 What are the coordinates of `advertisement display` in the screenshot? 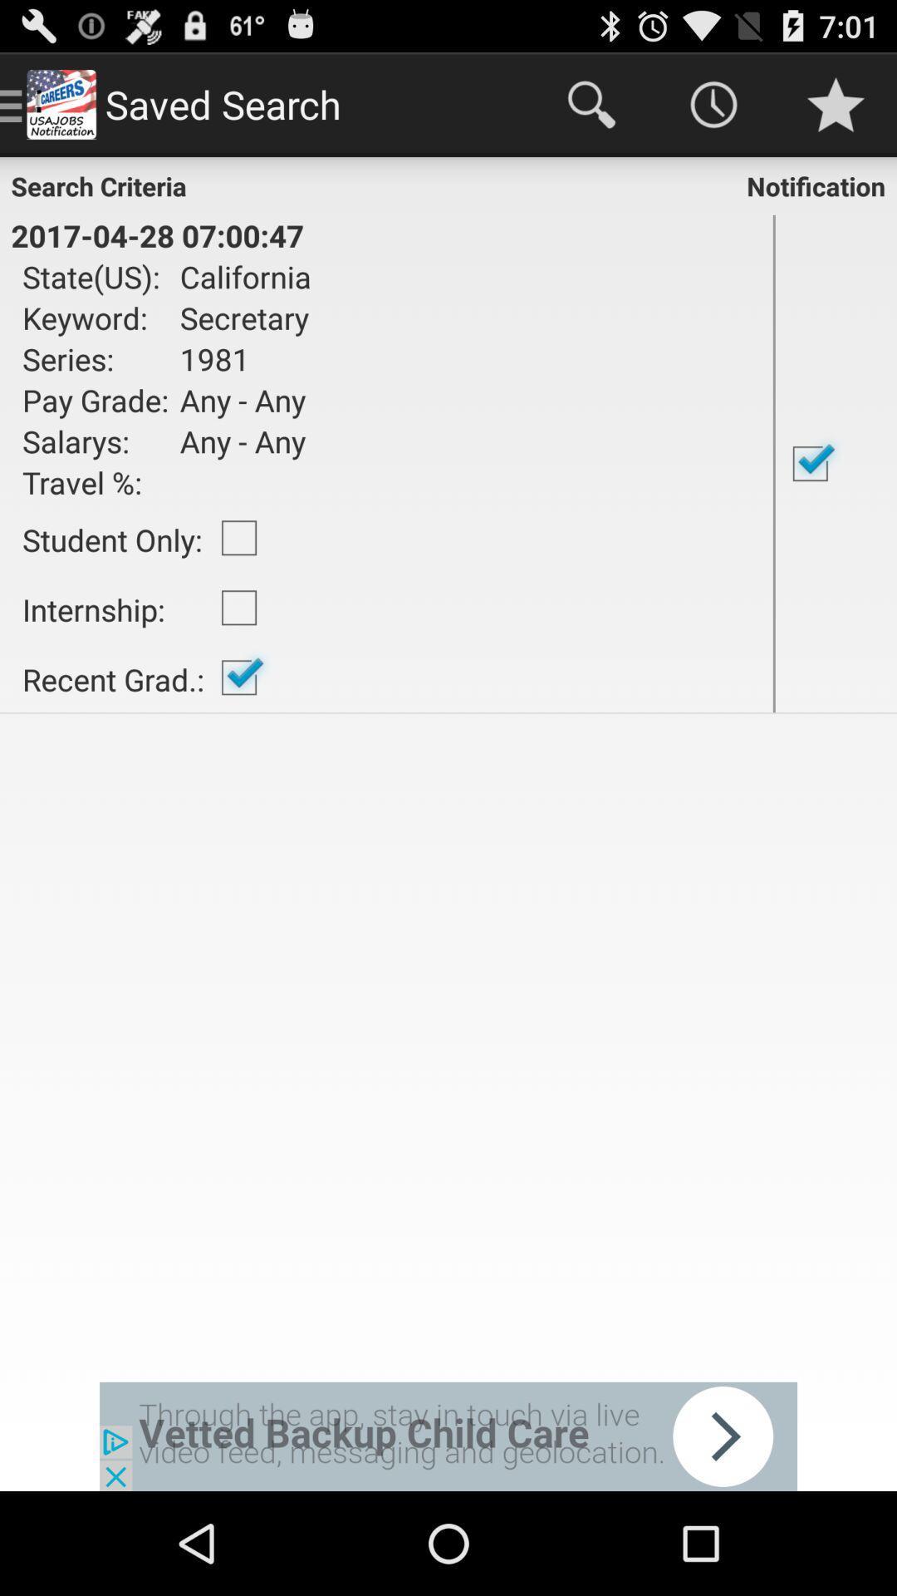 It's located at (448, 1436).